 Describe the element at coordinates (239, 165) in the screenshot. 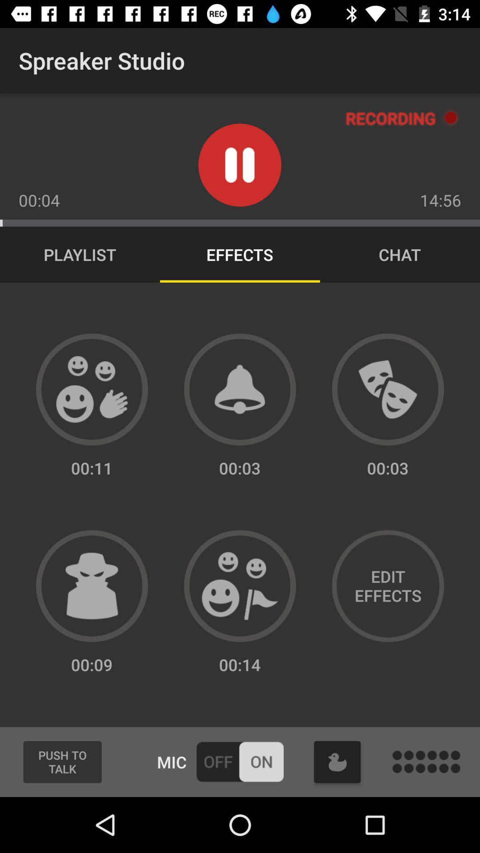

I see `the pause icon` at that location.